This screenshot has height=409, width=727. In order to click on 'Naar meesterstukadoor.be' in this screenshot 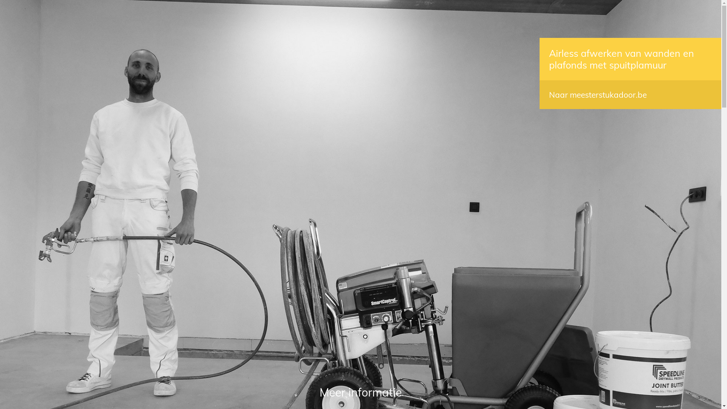, I will do `click(598, 94)`.